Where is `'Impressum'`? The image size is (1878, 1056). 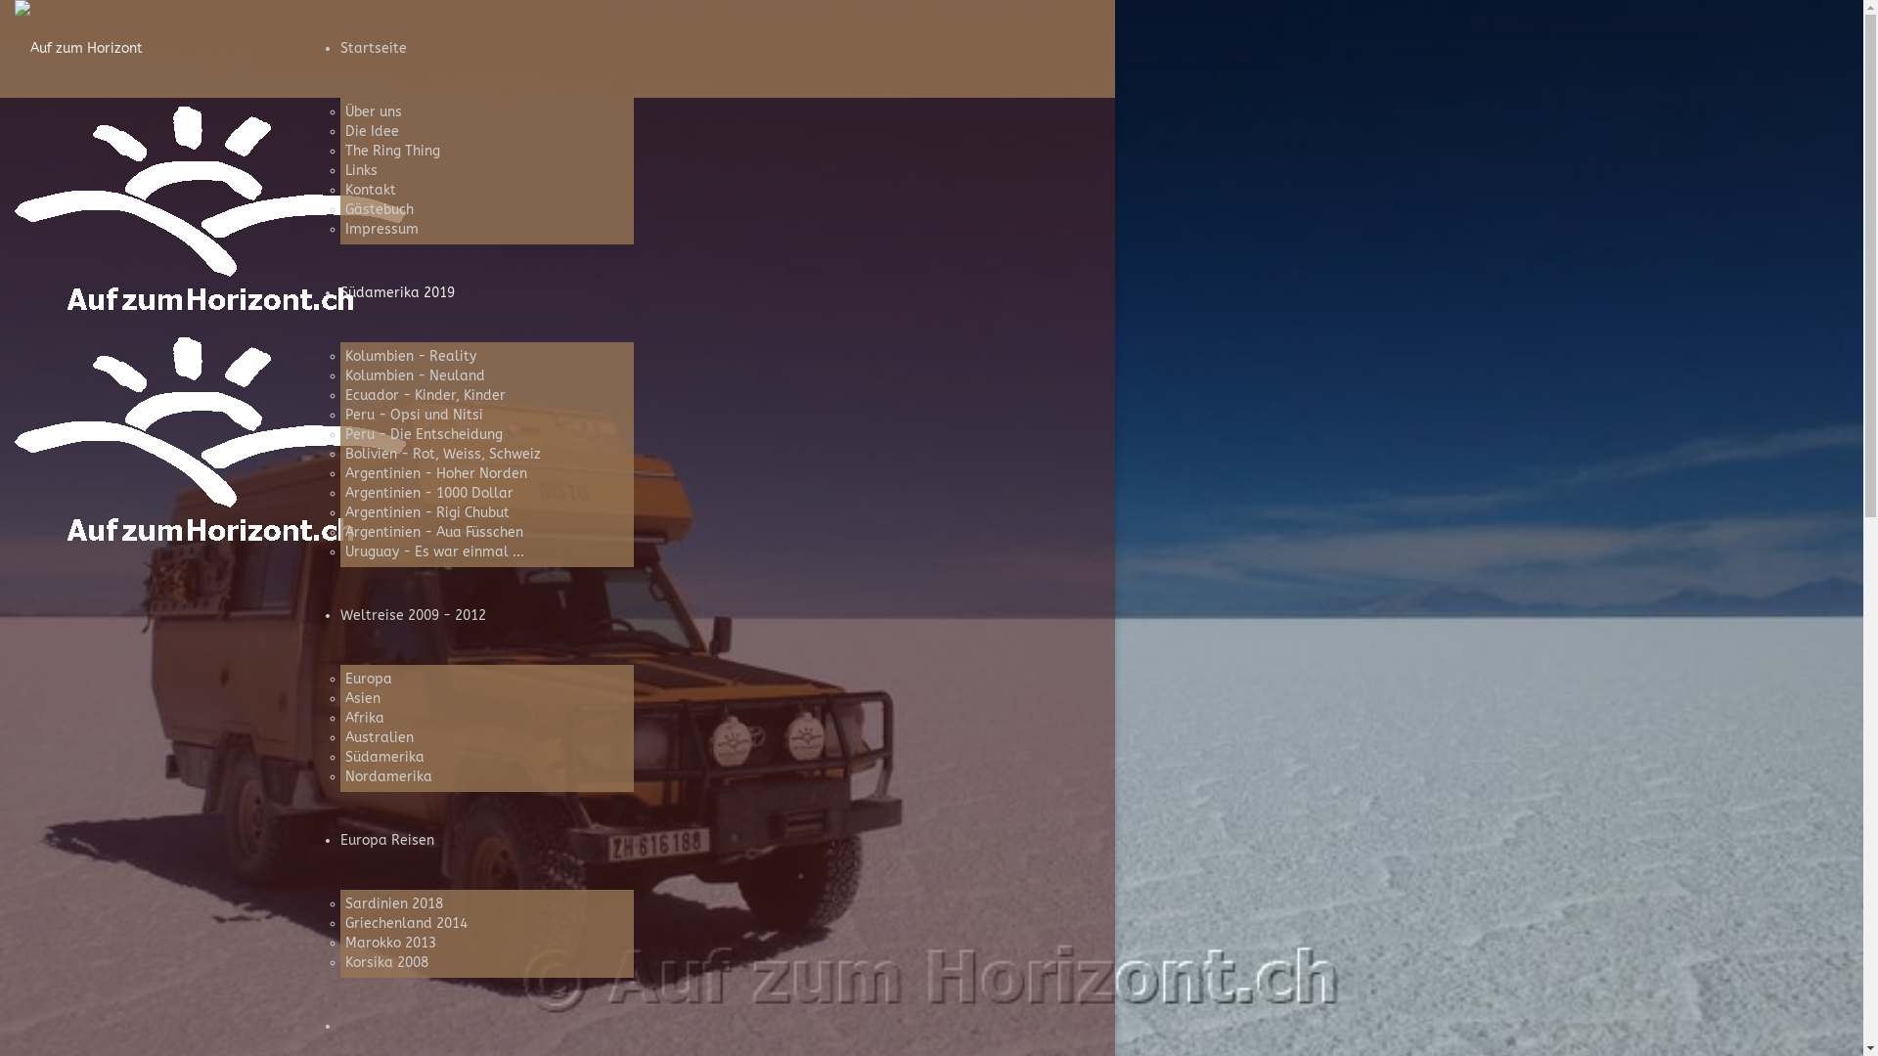 'Impressum' is located at coordinates (343, 228).